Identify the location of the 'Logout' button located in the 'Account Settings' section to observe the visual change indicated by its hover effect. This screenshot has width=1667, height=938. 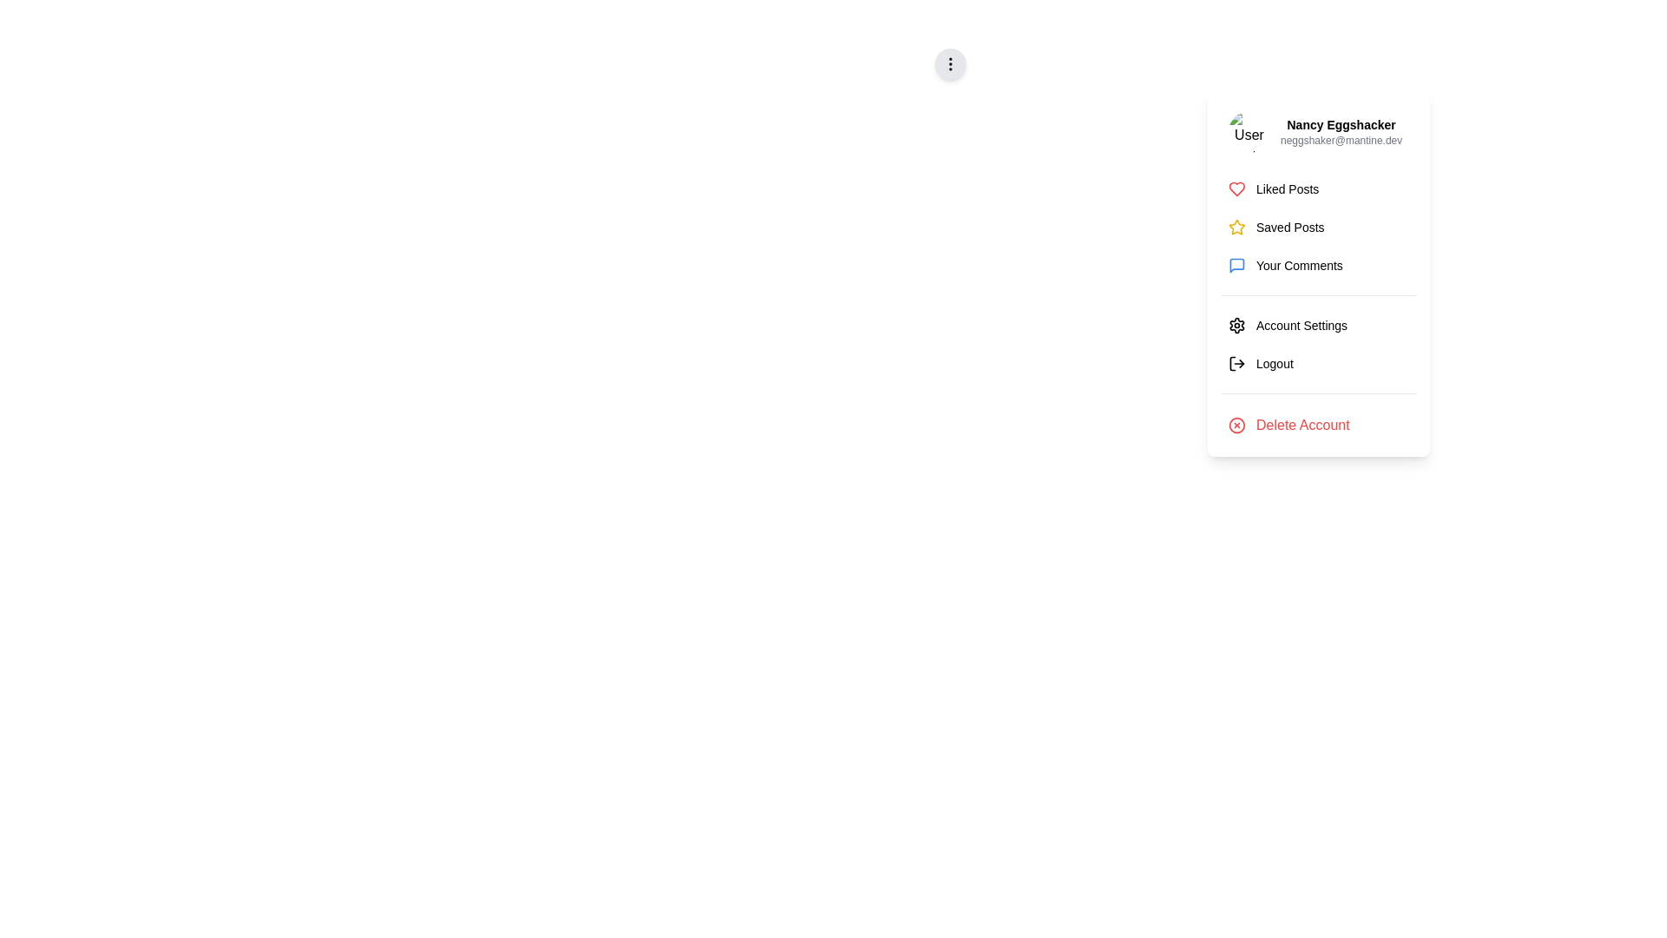
(1318, 363).